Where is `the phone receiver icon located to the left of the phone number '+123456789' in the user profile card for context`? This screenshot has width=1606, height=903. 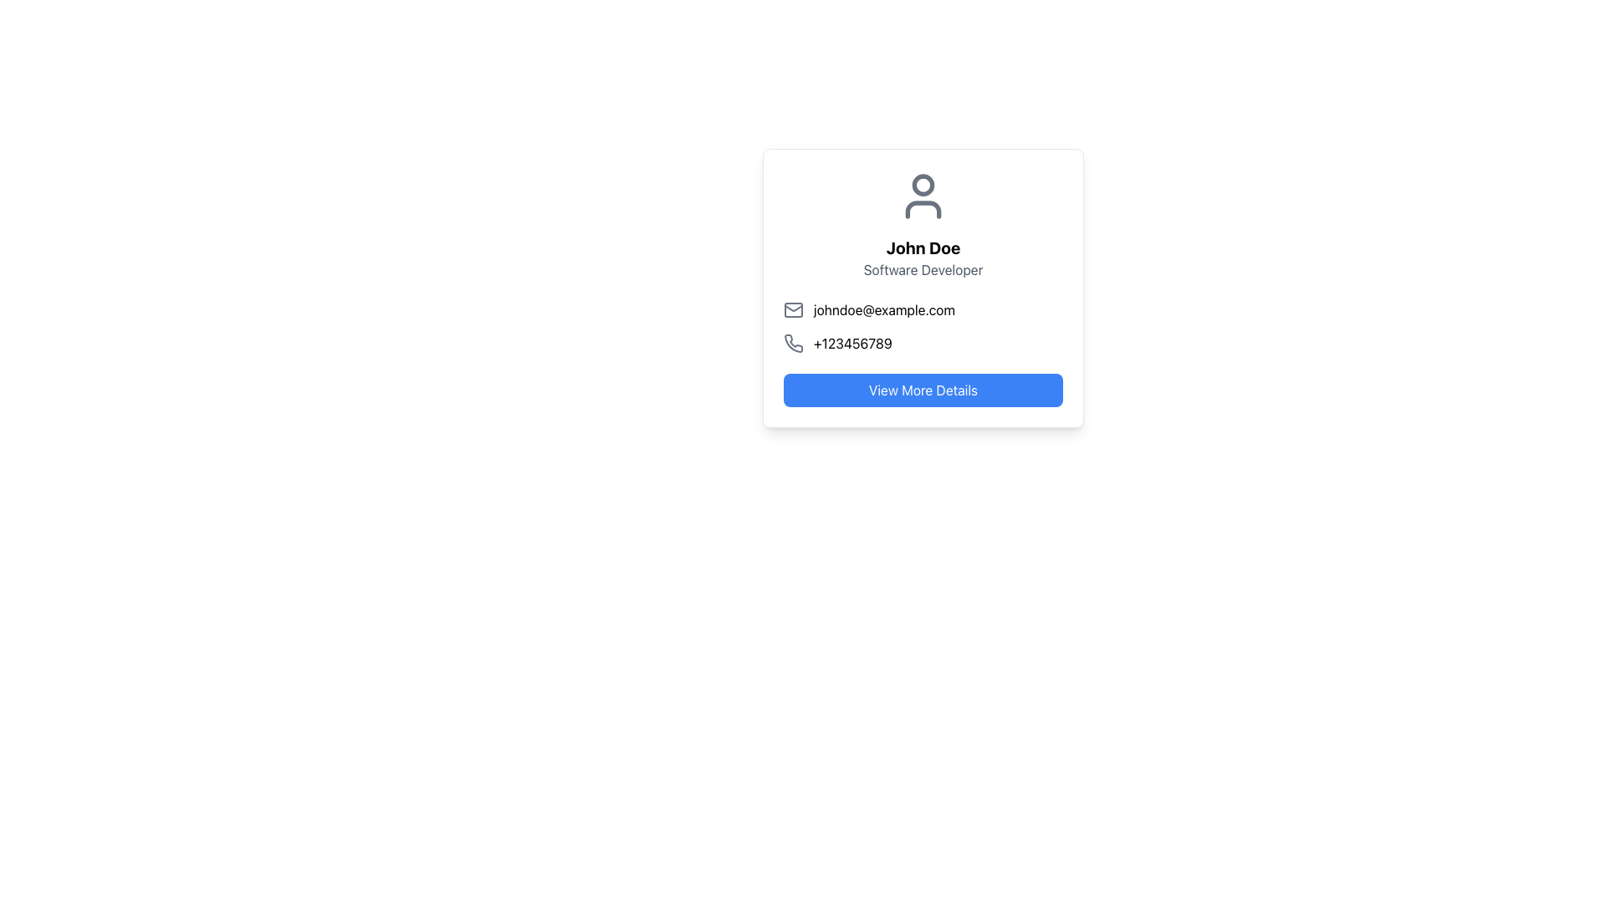 the phone receiver icon located to the left of the phone number '+123456789' in the user profile card for context is located at coordinates (793, 342).